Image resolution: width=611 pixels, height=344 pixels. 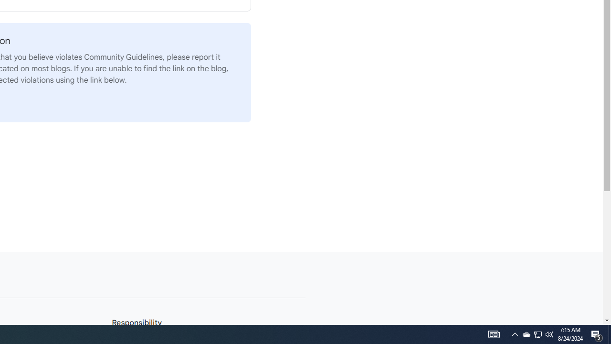 What do you see at coordinates (597, 333) in the screenshot?
I see `'Show desktop'` at bounding box center [597, 333].